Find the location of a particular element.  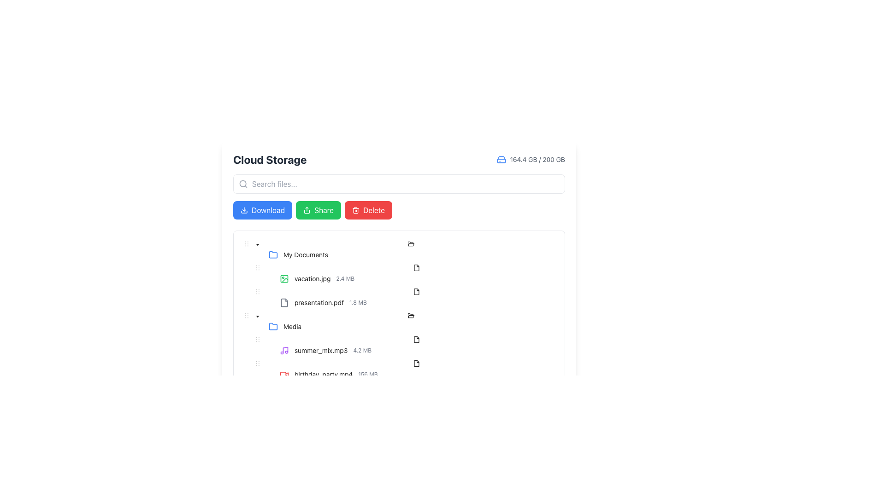

the indentation marker located to the left of the 'birthday_party.mp4' file item in the tree structure is located at coordinates (246, 369).